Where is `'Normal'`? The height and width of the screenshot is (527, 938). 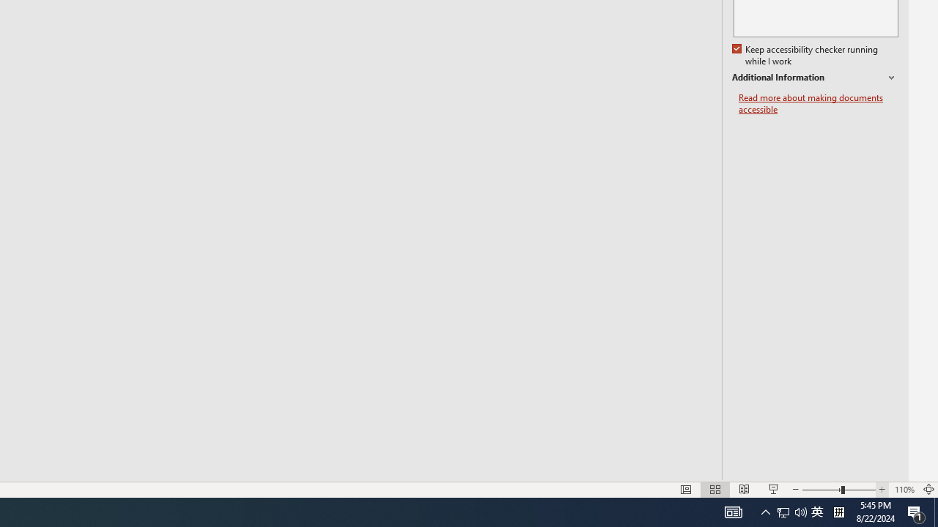 'Normal' is located at coordinates (685, 490).